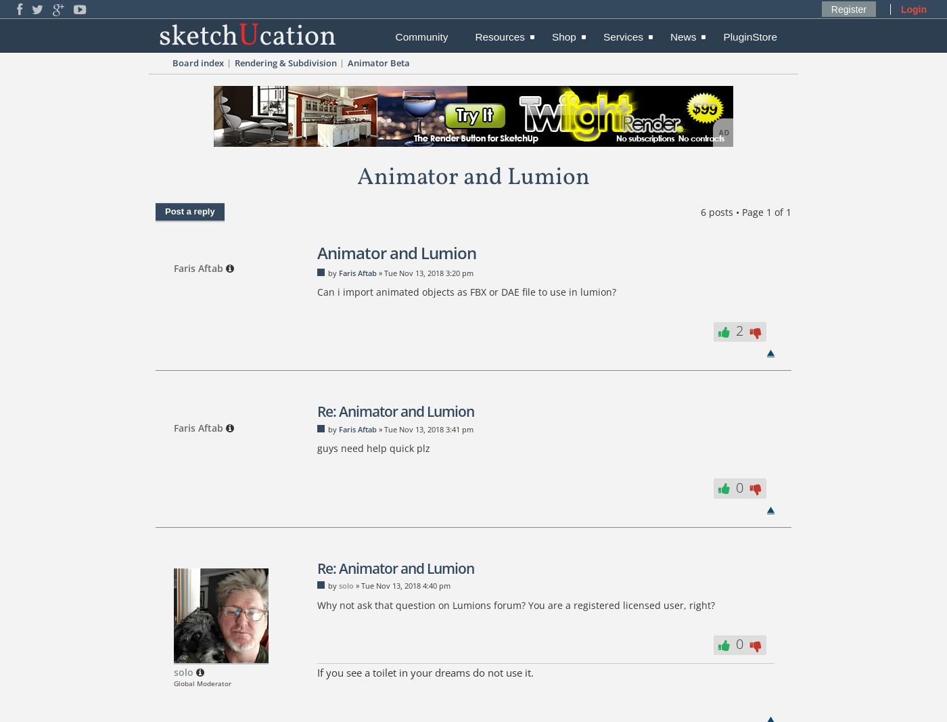 This screenshot has height=722, width=947. I want to click on '» Tue Nov 13, 2018 4:40 pm', so click(401, 585).